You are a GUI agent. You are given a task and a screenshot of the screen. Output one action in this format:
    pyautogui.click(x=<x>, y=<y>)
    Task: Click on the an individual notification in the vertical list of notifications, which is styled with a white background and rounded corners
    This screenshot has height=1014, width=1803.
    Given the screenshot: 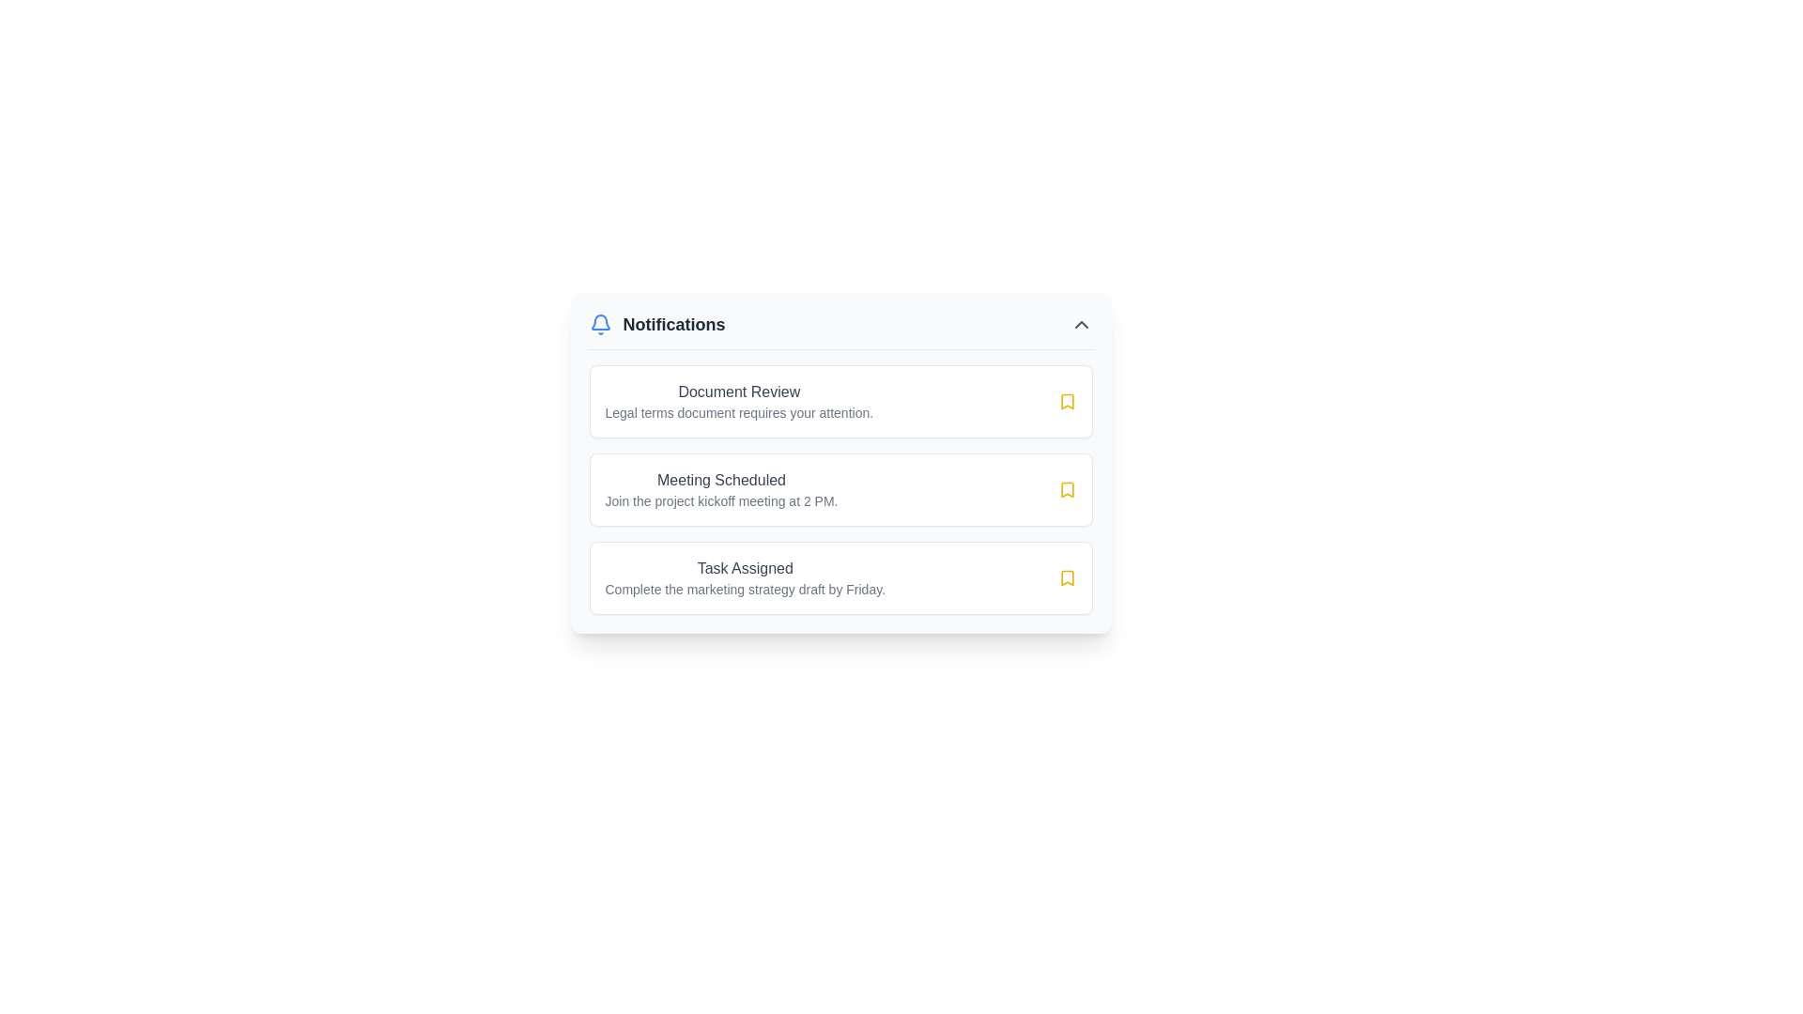 What is the action you would take?
    pyautogui.click(x=840, y=488)
    